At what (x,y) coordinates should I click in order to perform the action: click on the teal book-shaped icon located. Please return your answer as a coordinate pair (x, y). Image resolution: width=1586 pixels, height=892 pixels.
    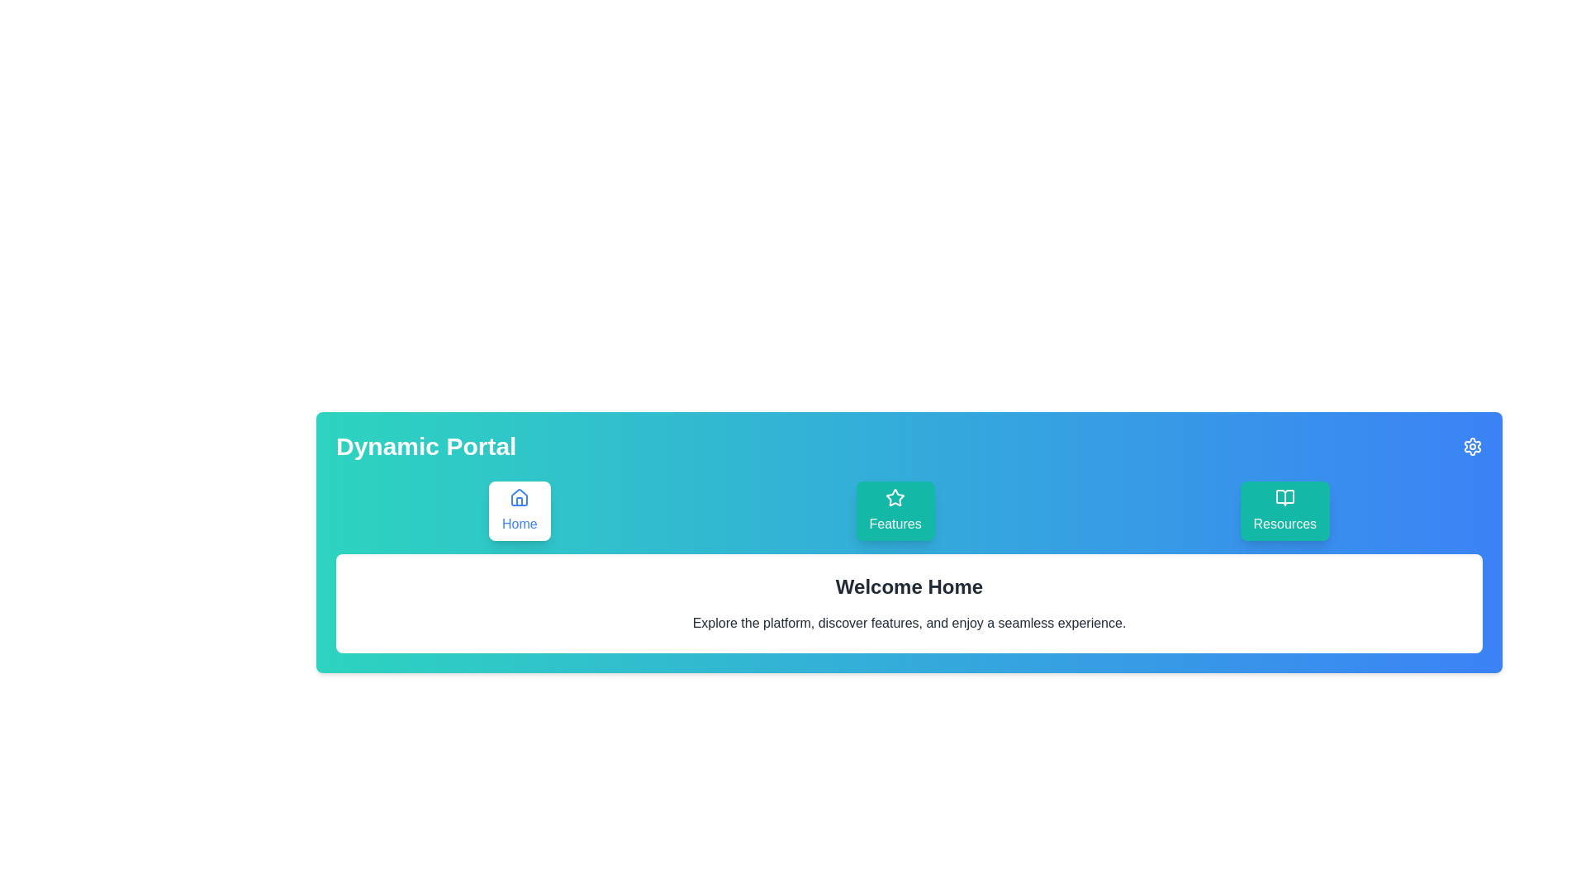
    Looking at the image, I should click on (1284, 496).